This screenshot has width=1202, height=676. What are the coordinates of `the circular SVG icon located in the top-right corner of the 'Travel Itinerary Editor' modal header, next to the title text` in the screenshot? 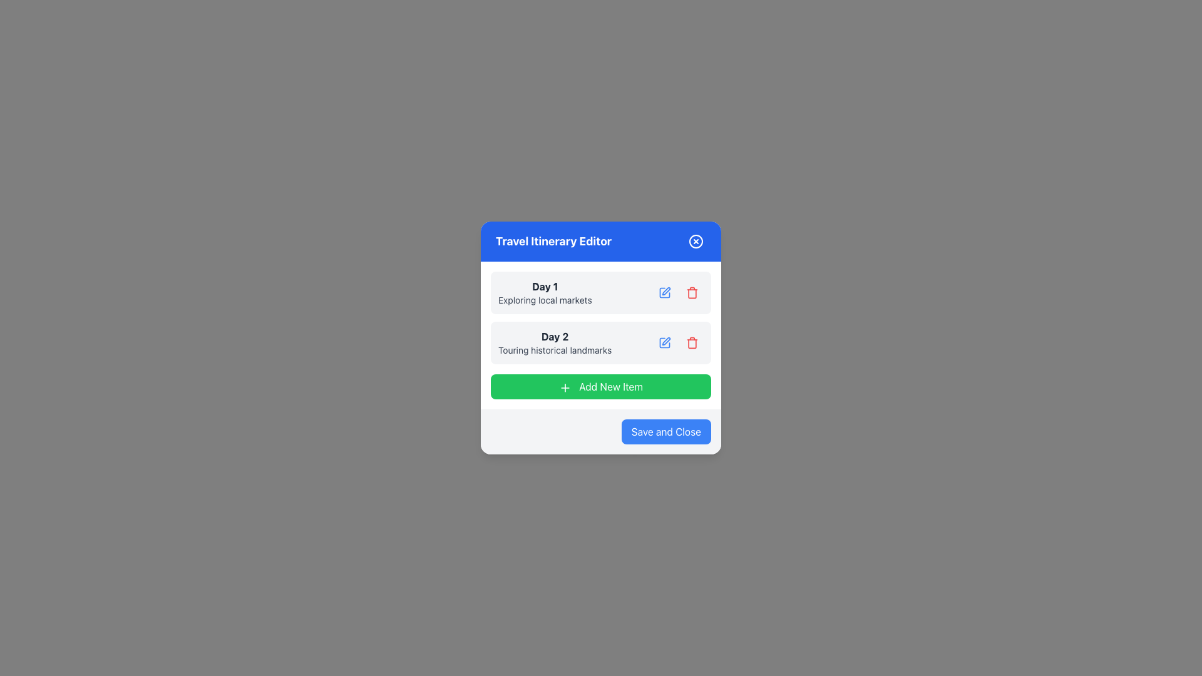 It's located at (696, 241).